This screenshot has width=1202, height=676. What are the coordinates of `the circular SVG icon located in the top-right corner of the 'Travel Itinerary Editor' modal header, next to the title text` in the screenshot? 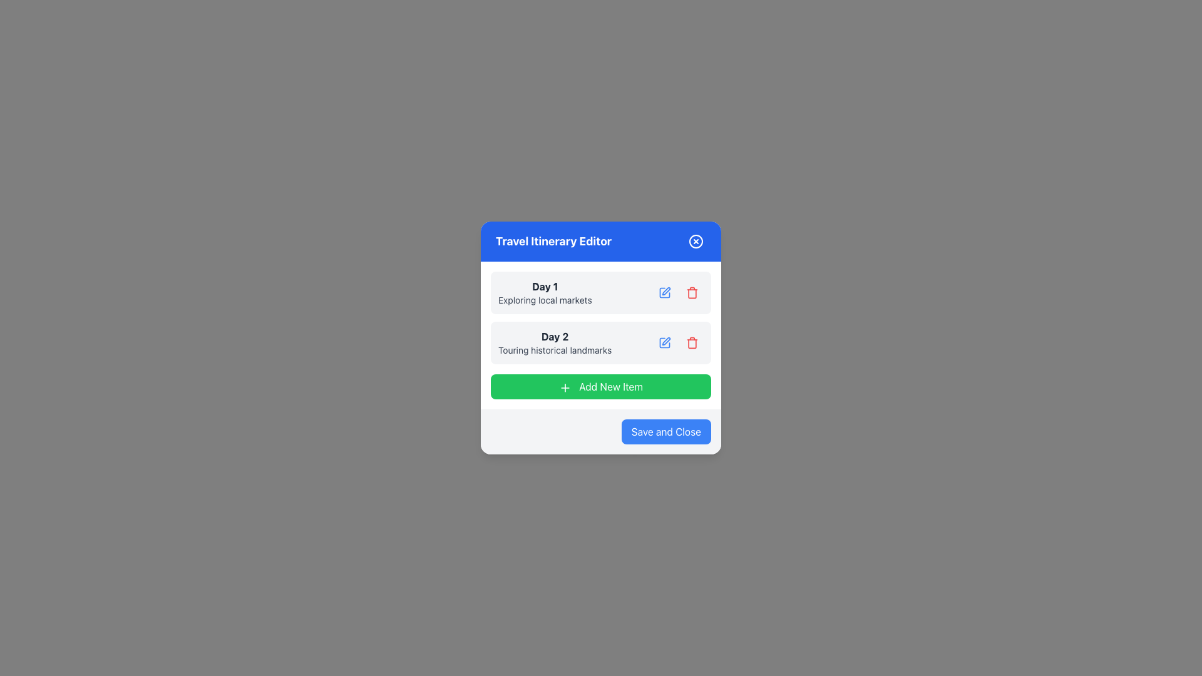 It's located at (696, 241).